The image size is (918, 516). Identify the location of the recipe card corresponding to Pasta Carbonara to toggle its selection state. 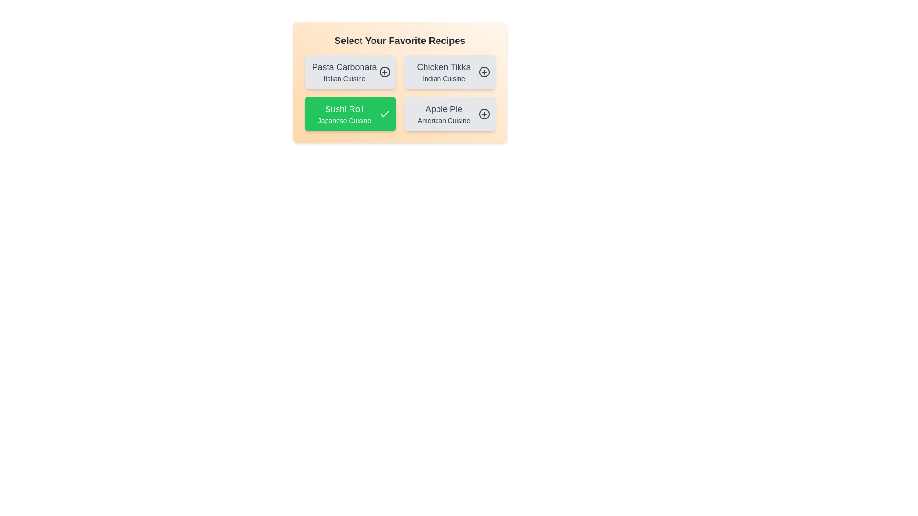
(350, 71).